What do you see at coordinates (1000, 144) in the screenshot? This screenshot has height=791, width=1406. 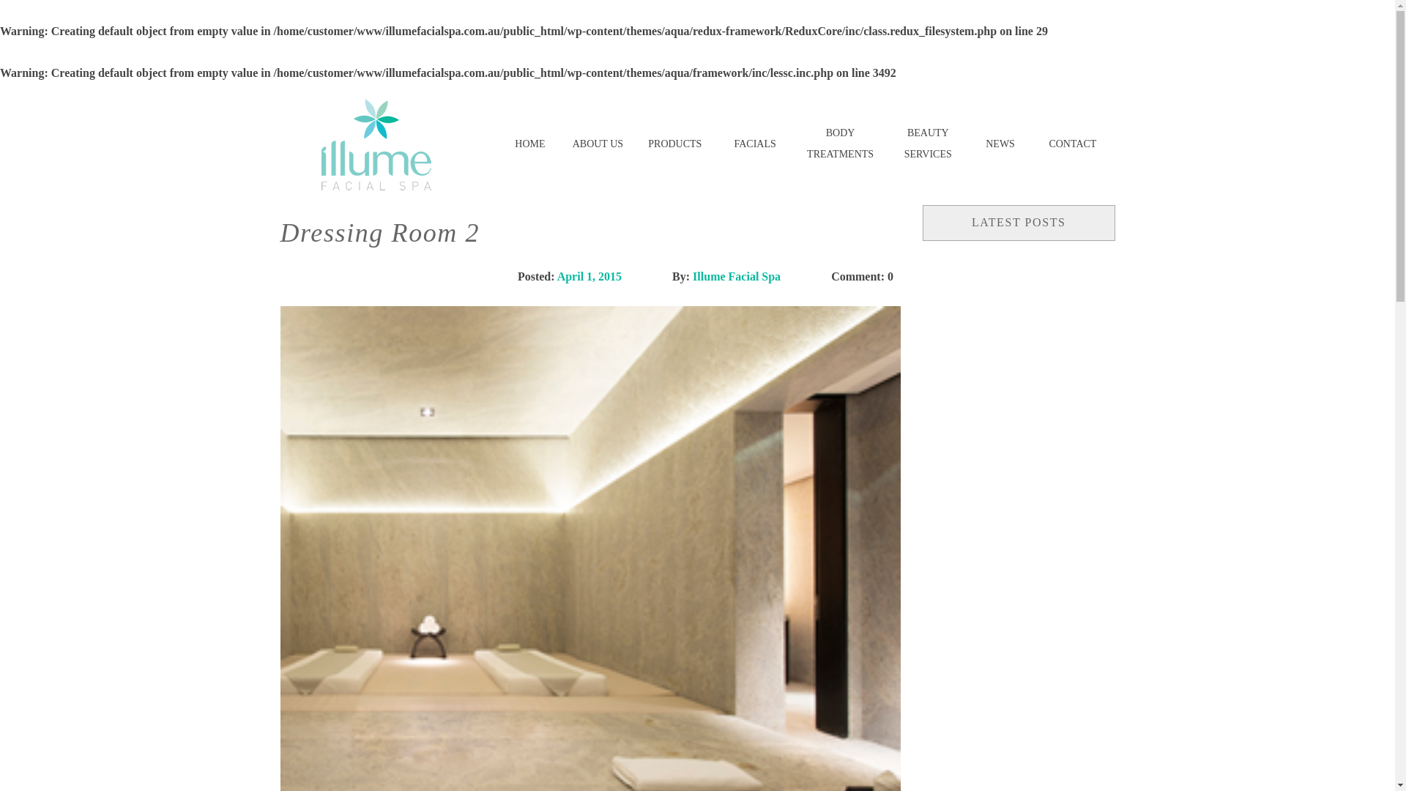 I see `'NEWS'` at bounding box center [1000, 144].